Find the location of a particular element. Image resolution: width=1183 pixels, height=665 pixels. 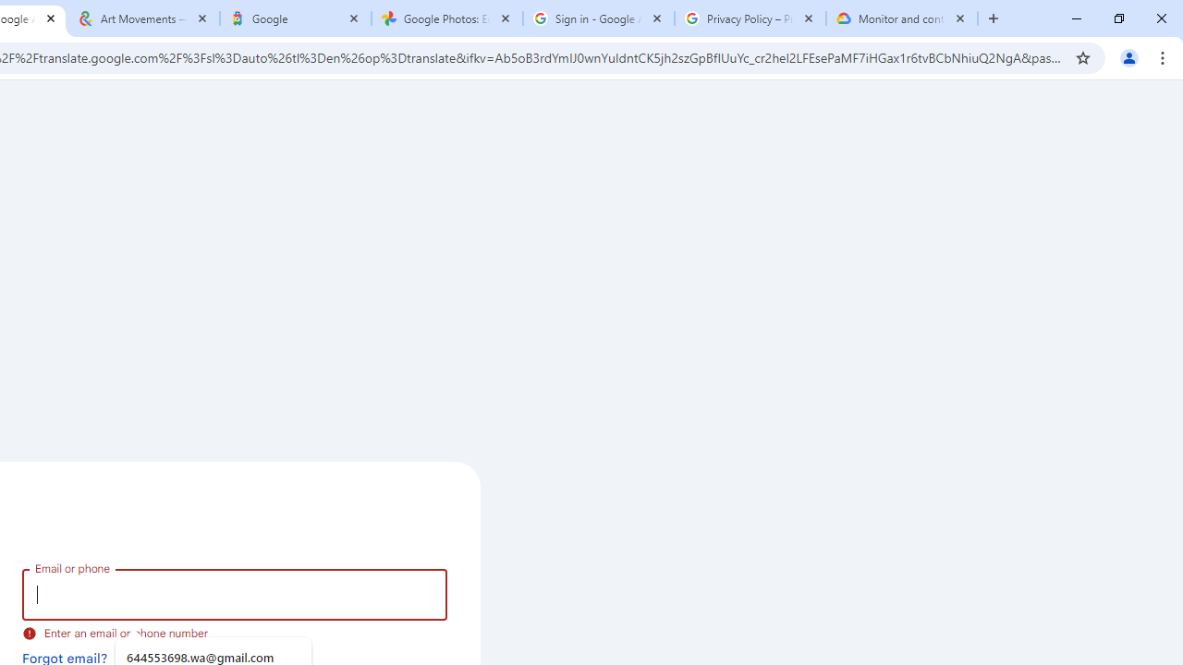

'Email or phone' is located at coordinates (234, 594).